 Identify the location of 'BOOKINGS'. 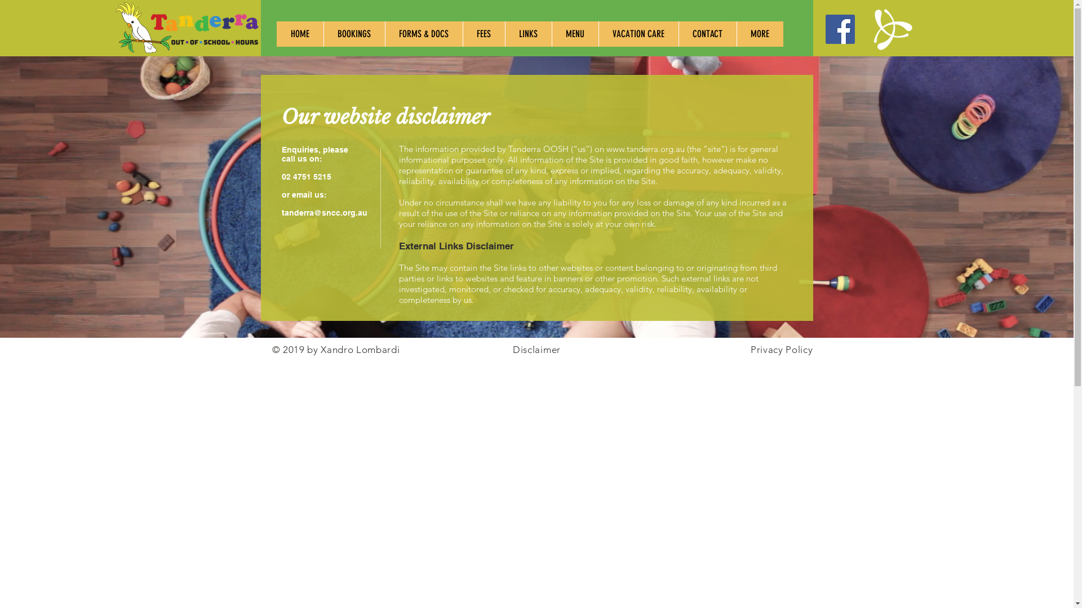
(323, 33).